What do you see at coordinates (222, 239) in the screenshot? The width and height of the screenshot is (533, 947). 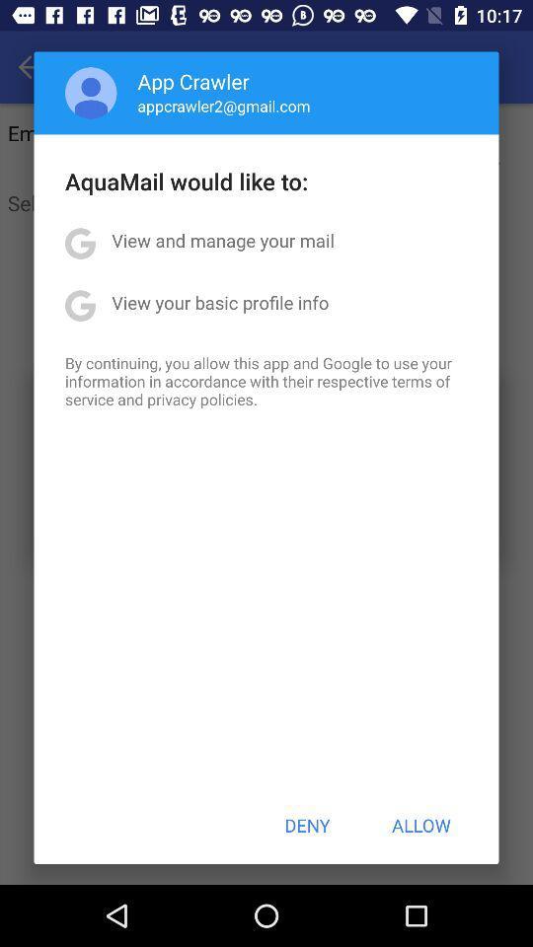 I see `the icon above view your basic` at bounding box center [222, 239].